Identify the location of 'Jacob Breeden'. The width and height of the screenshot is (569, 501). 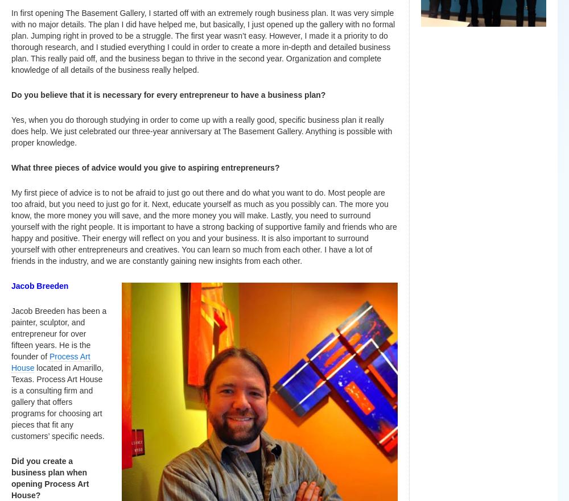
(40, 285).